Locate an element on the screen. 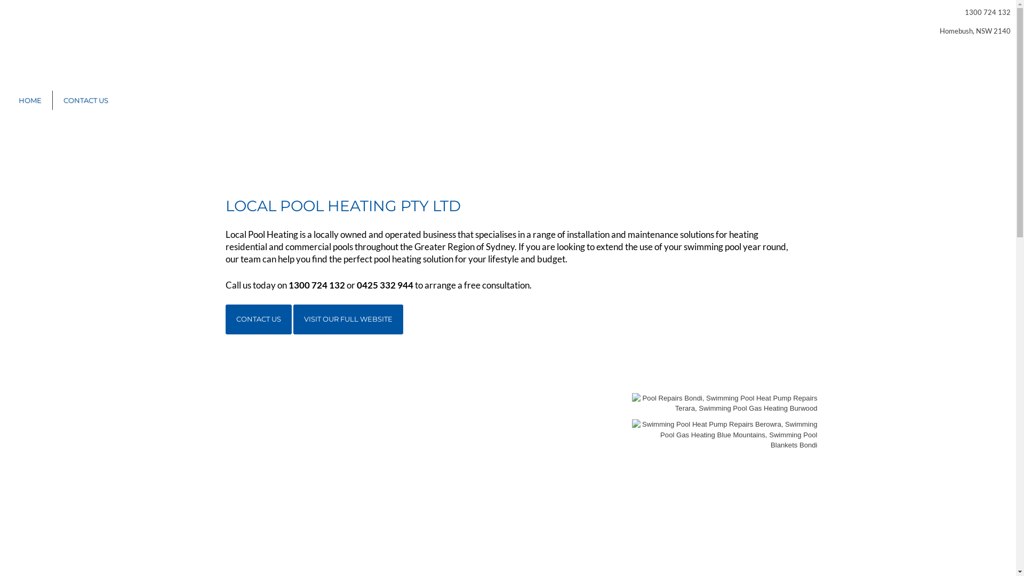  'HOME' is located at coordinates (7, 100).